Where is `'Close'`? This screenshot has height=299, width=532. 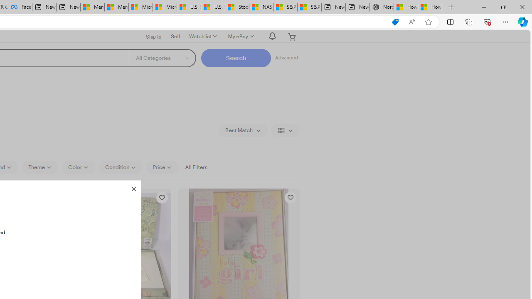 'Close' is located at coordinates (133, 188).